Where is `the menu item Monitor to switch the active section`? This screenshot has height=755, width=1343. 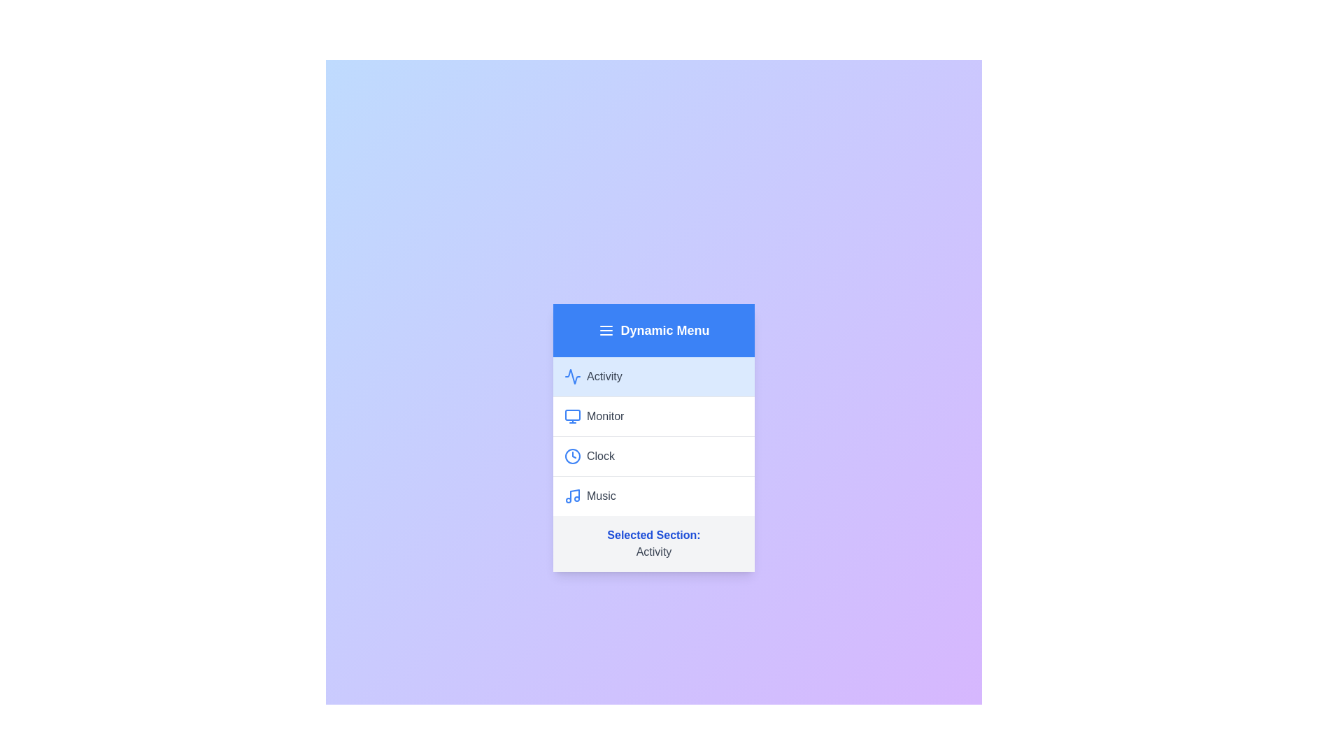 the menu item Monitor to switch the active section is located at coordinates (653, 415).